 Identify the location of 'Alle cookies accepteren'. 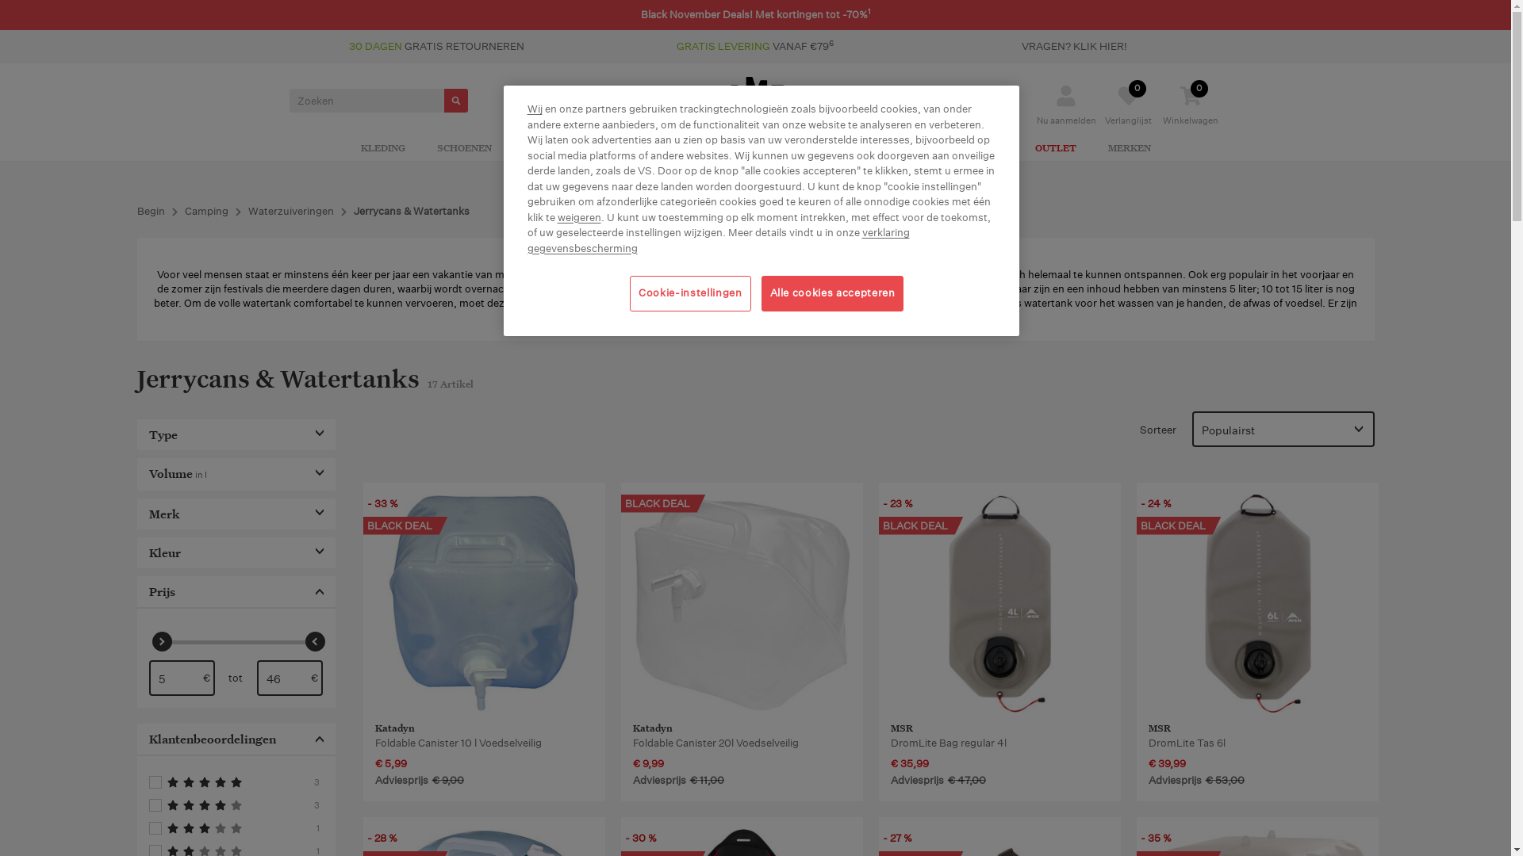
(761, 293).